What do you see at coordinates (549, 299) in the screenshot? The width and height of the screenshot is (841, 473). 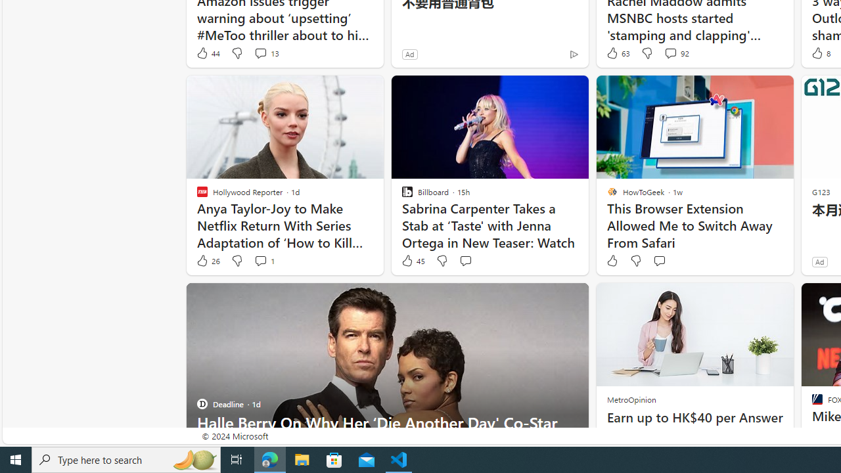 I see `'Hide this story'` at bounding box center [549, 299].